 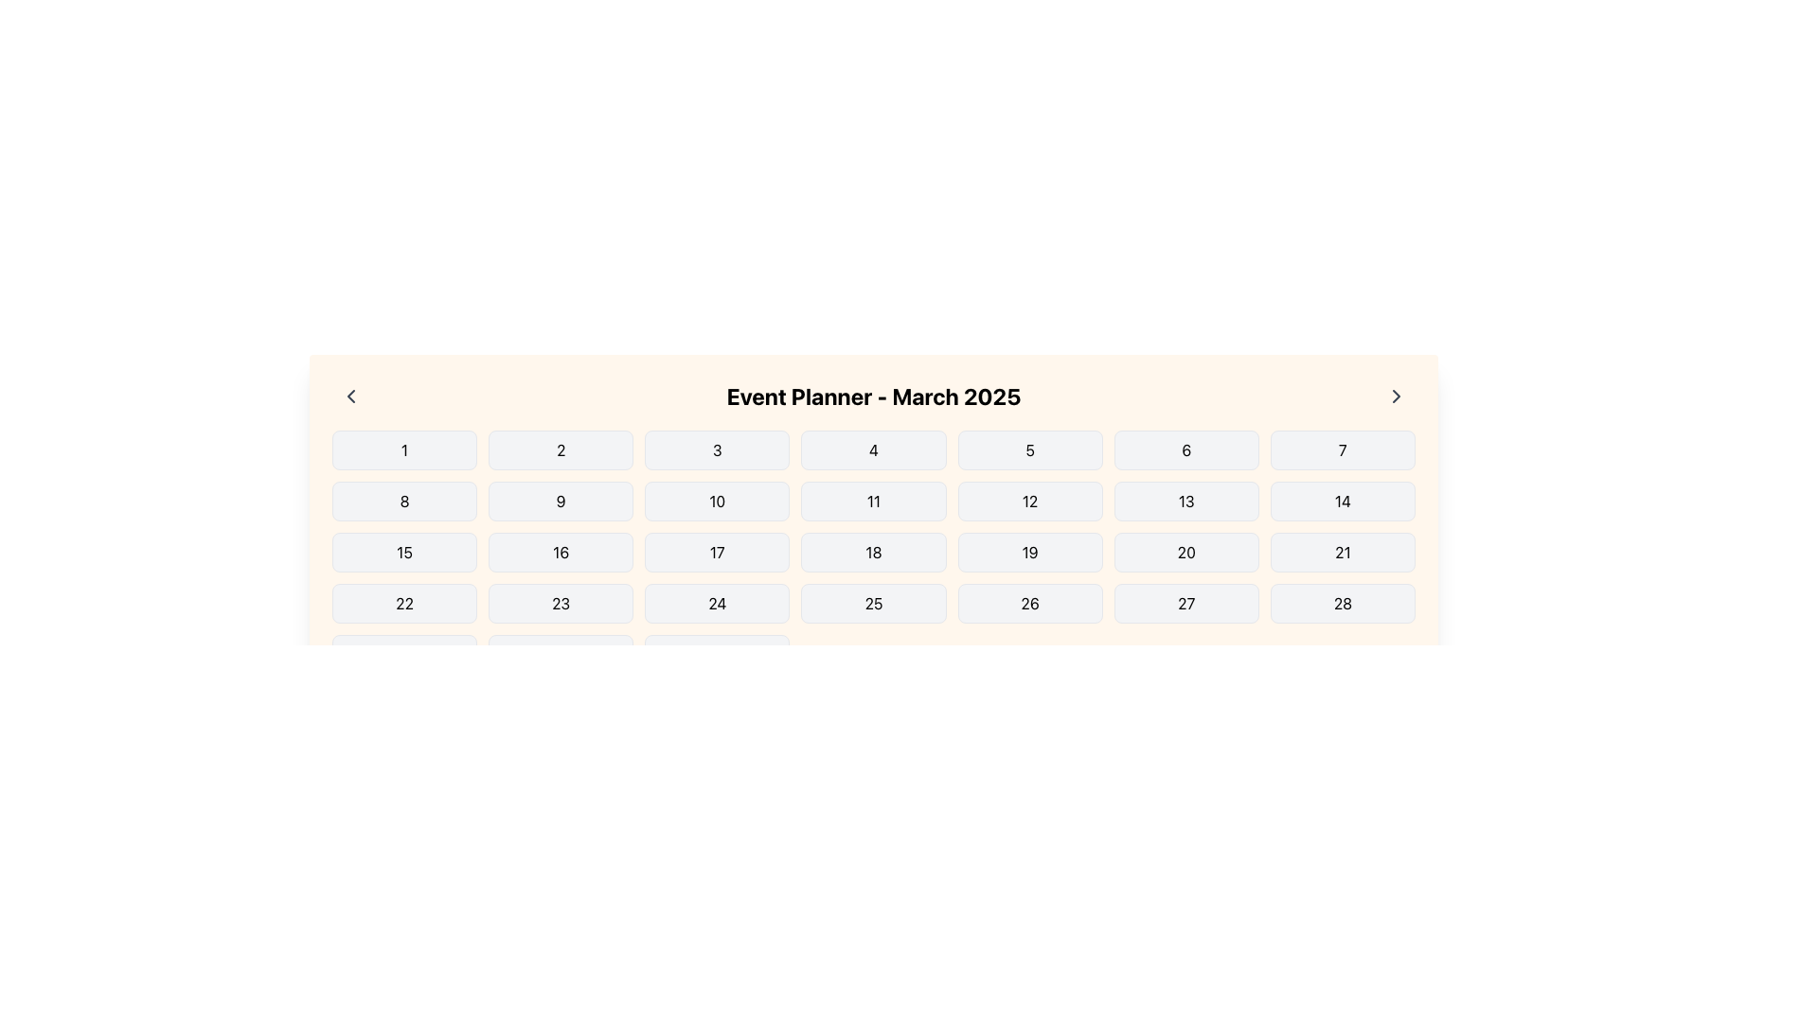 What do you see at coordinates (1185, 552) in the screenshot?
I see `the selectable date '20' in the calendar grid for March 2025` at bounding box center [1185, 552].